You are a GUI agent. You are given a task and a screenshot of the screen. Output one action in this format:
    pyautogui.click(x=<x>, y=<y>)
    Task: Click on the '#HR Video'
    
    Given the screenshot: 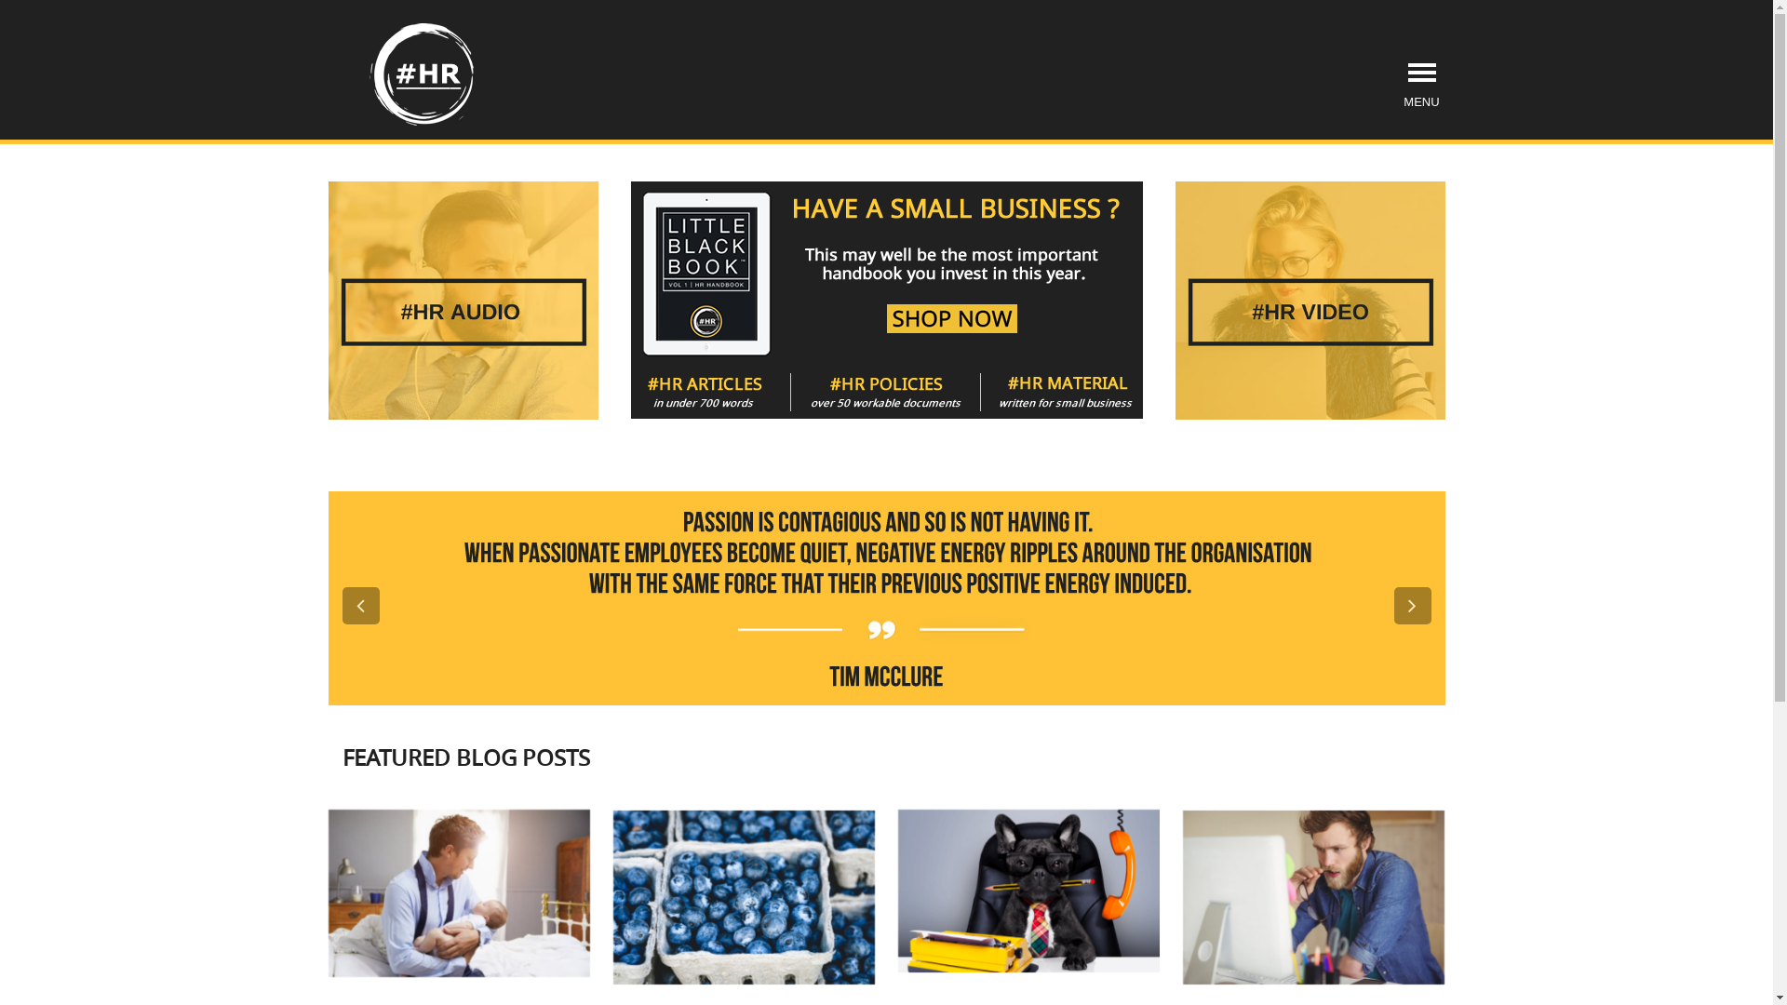 What is the action you would take?
    pyautogui.click(x=1308, y=300)
    